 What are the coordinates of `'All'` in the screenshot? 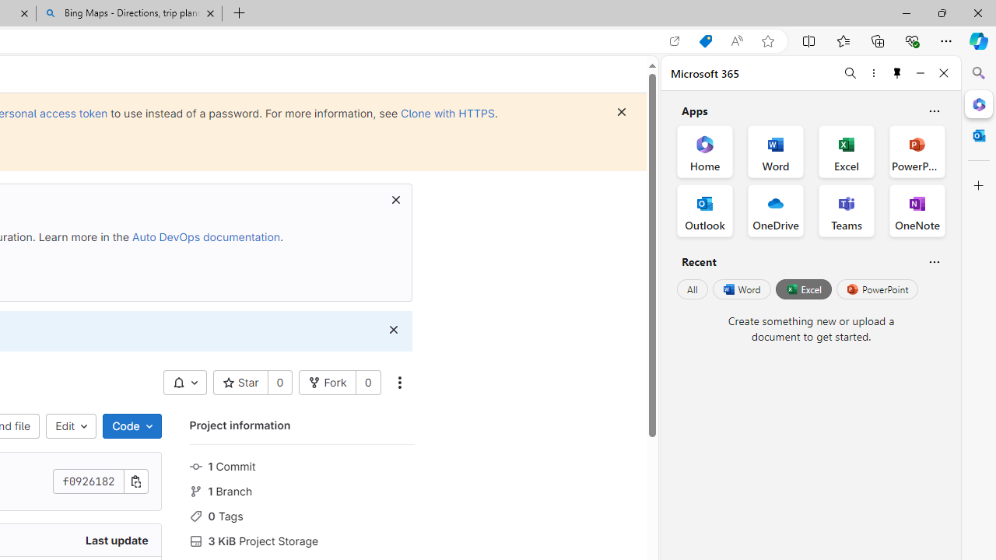 It's located at (692, 289).